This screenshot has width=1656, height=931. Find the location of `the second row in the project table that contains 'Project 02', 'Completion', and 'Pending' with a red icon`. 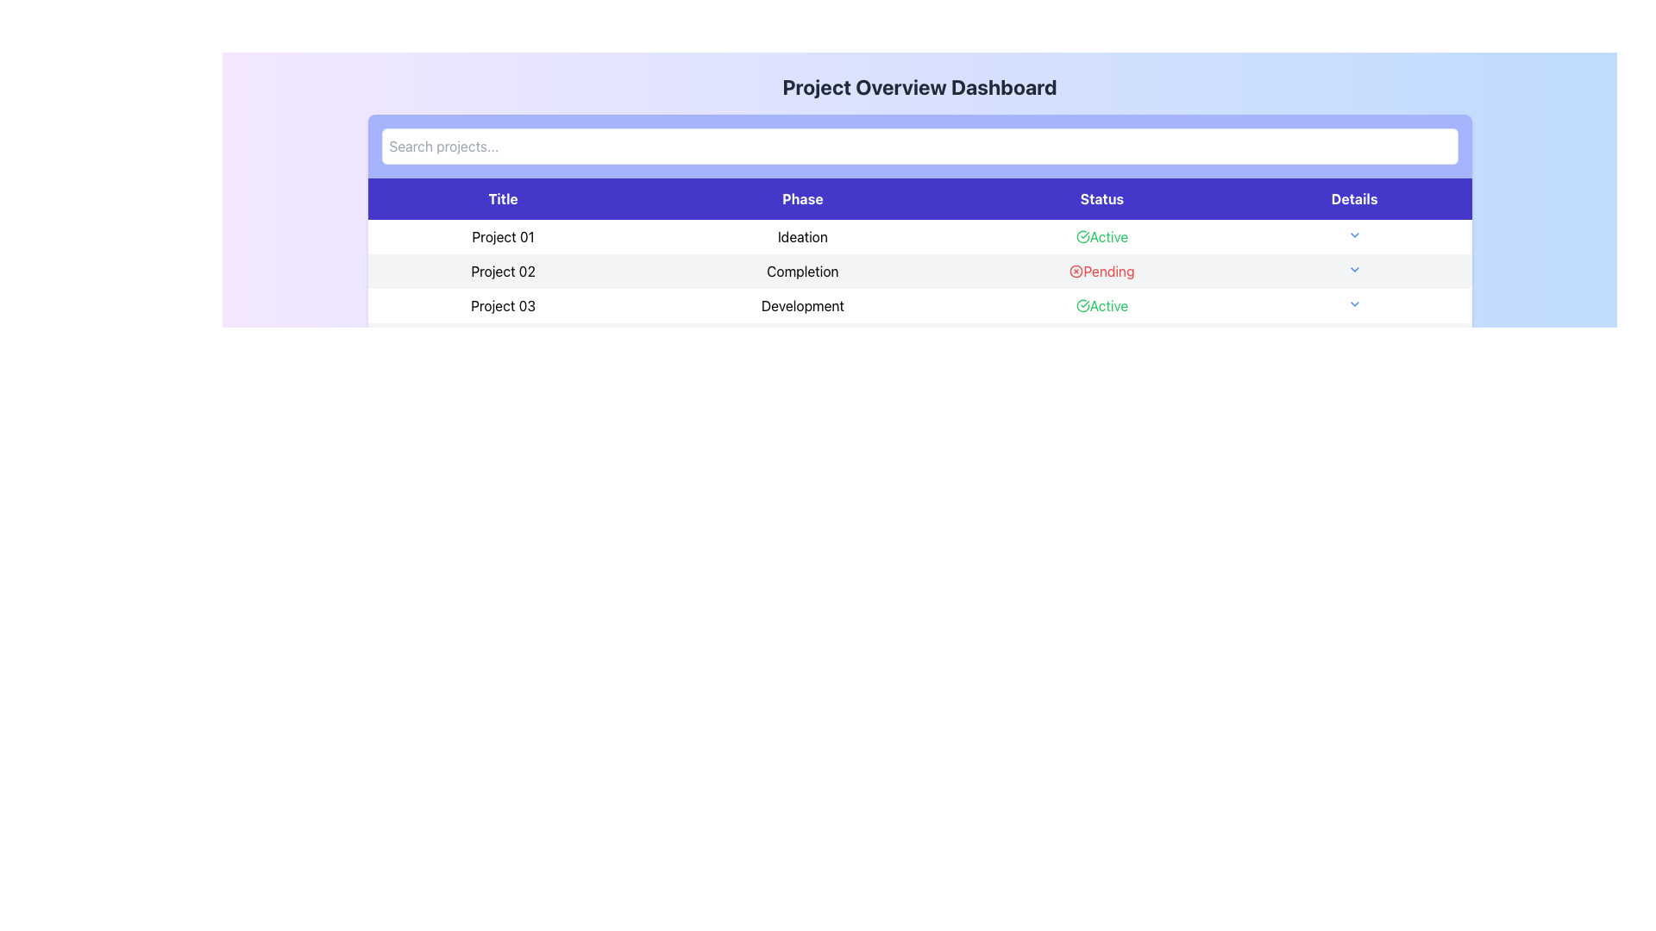

the second row in the project table that contains 'Project 02', 'Completion', and 'Pending' with a red icon is located at coordinates (919, 272).